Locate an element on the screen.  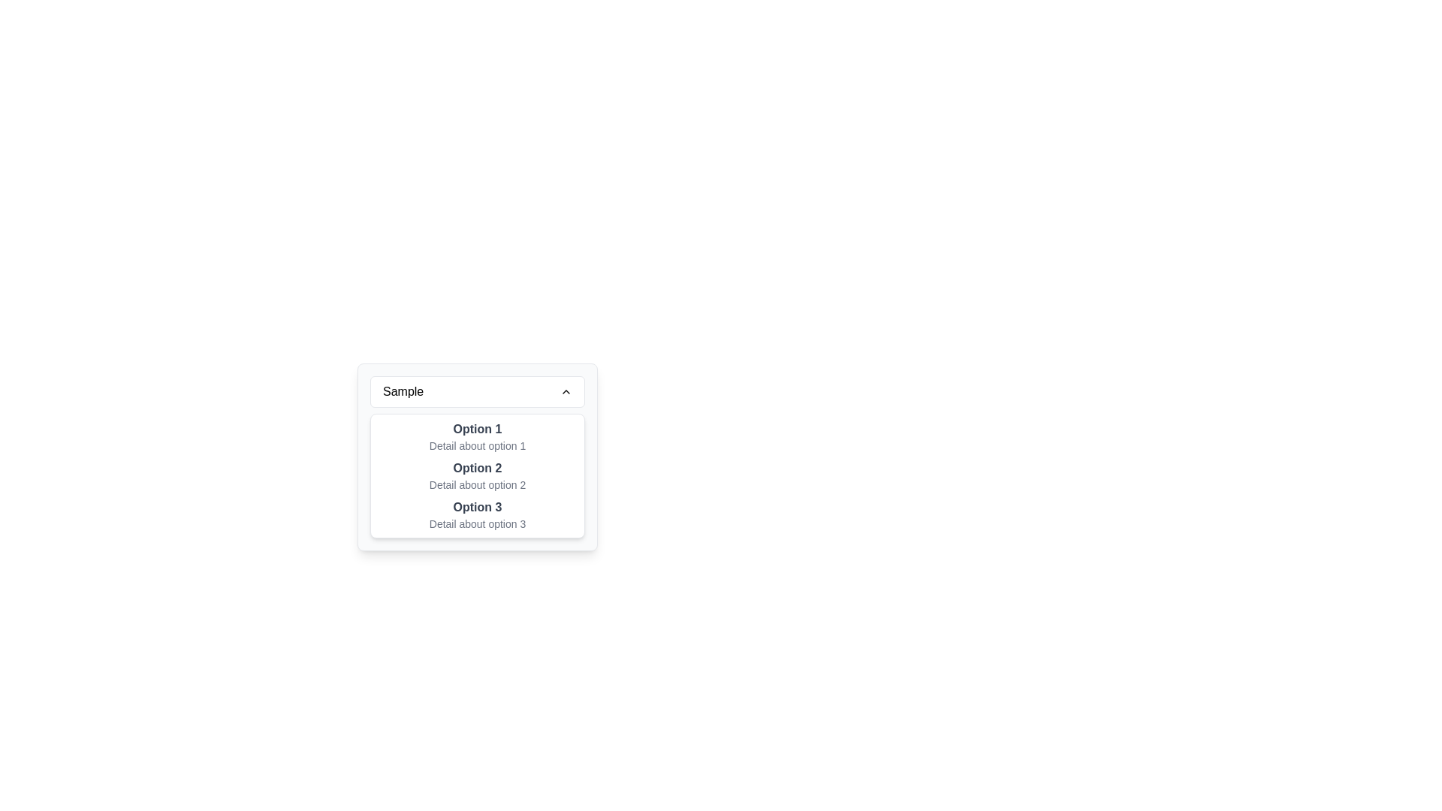
the selectable list item displaying 'Option 2' with a subtitle 'Detail about option 2' is located at coordinates (476, 475).